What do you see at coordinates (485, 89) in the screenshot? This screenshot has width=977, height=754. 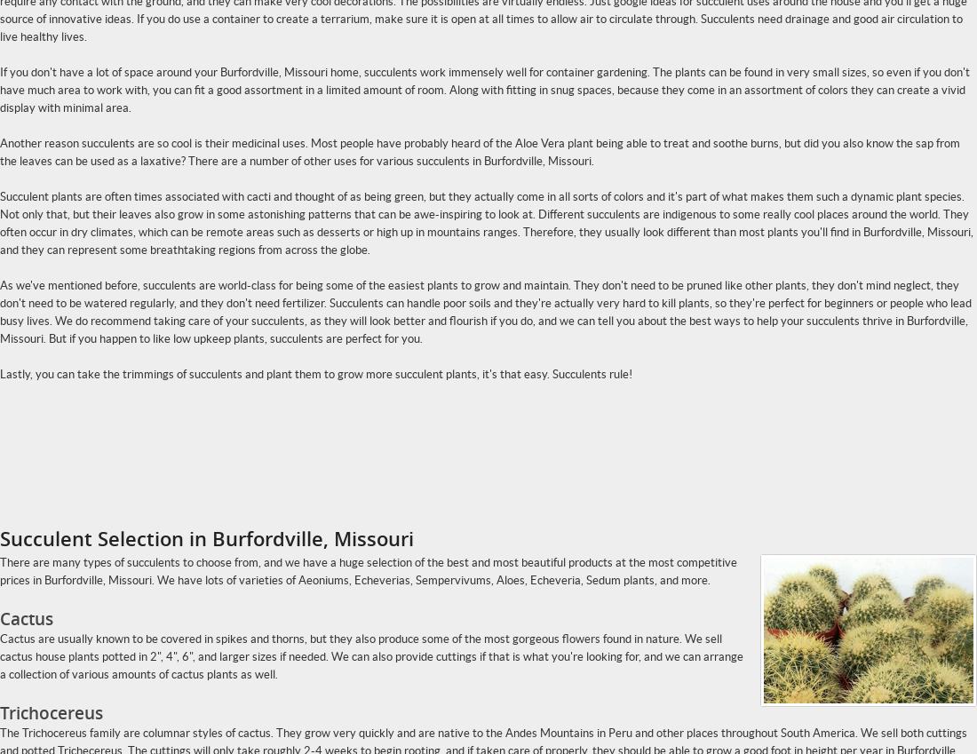 I see `'If you don't have a lot of space around your Burfordville, Missouri home, succulents work immensely well for container gardening. The plants can be found in very small sizes, so even if you don't have much area to work with, you can fit a good assortment in a limited amount of room. Along with fitting in snug spaces, because they come in an assortment of colors they can create a vivid display with minimal area.'` at bounding box center [485, 89].